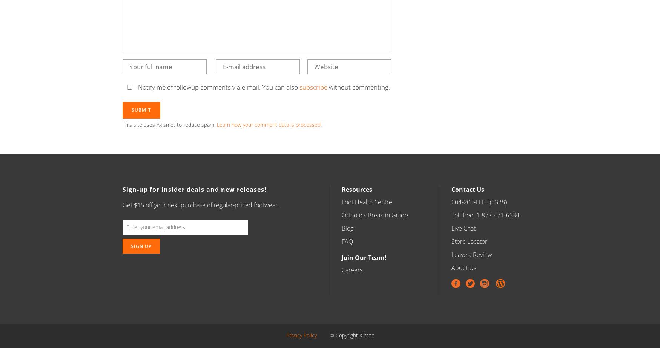 The width and height of the screenshot is (660, 348). What do you see at coordinates (347, 228) in the screenshot?
I see `'Blog'` at bounding box center [347, 228].